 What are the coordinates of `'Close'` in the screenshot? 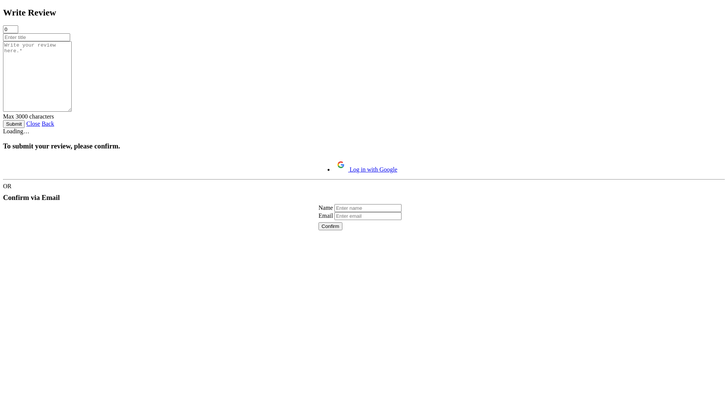 It's located at (32, 123).